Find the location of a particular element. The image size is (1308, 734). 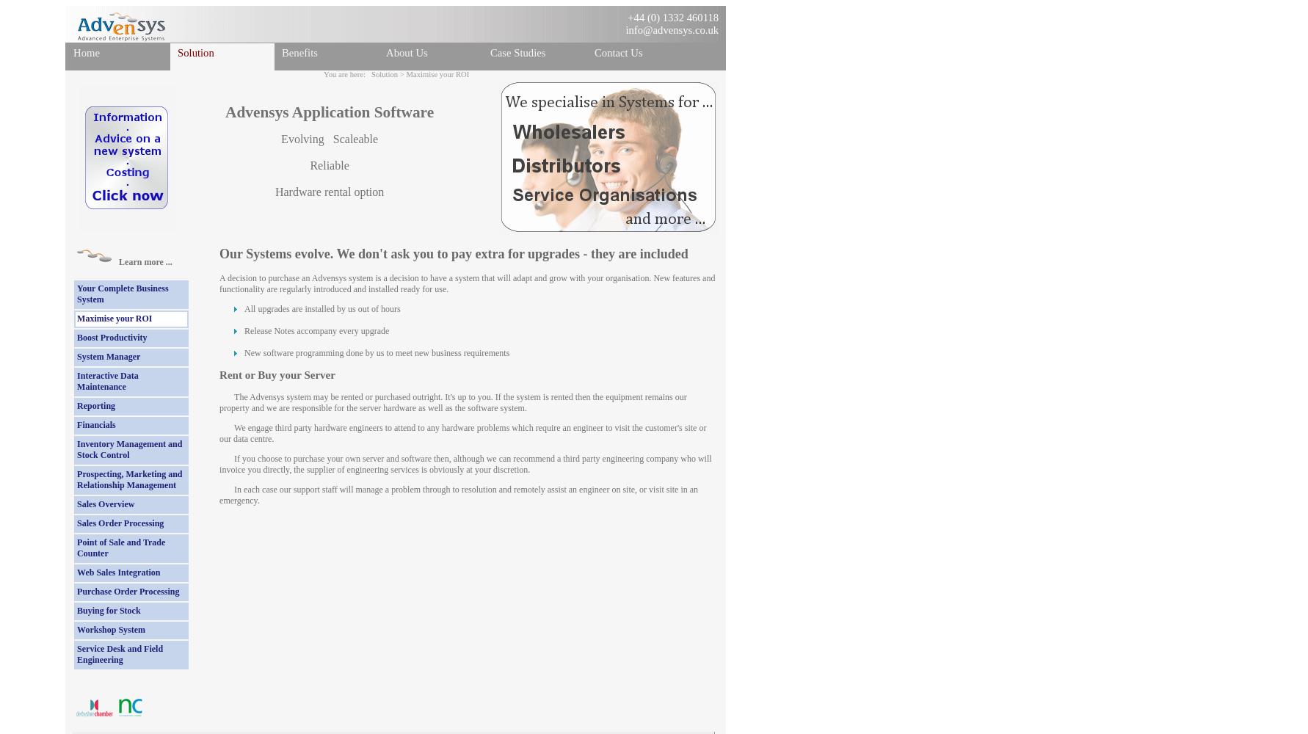

'Point of Sale and Trade Counter' is located at coordinates (120, 547).